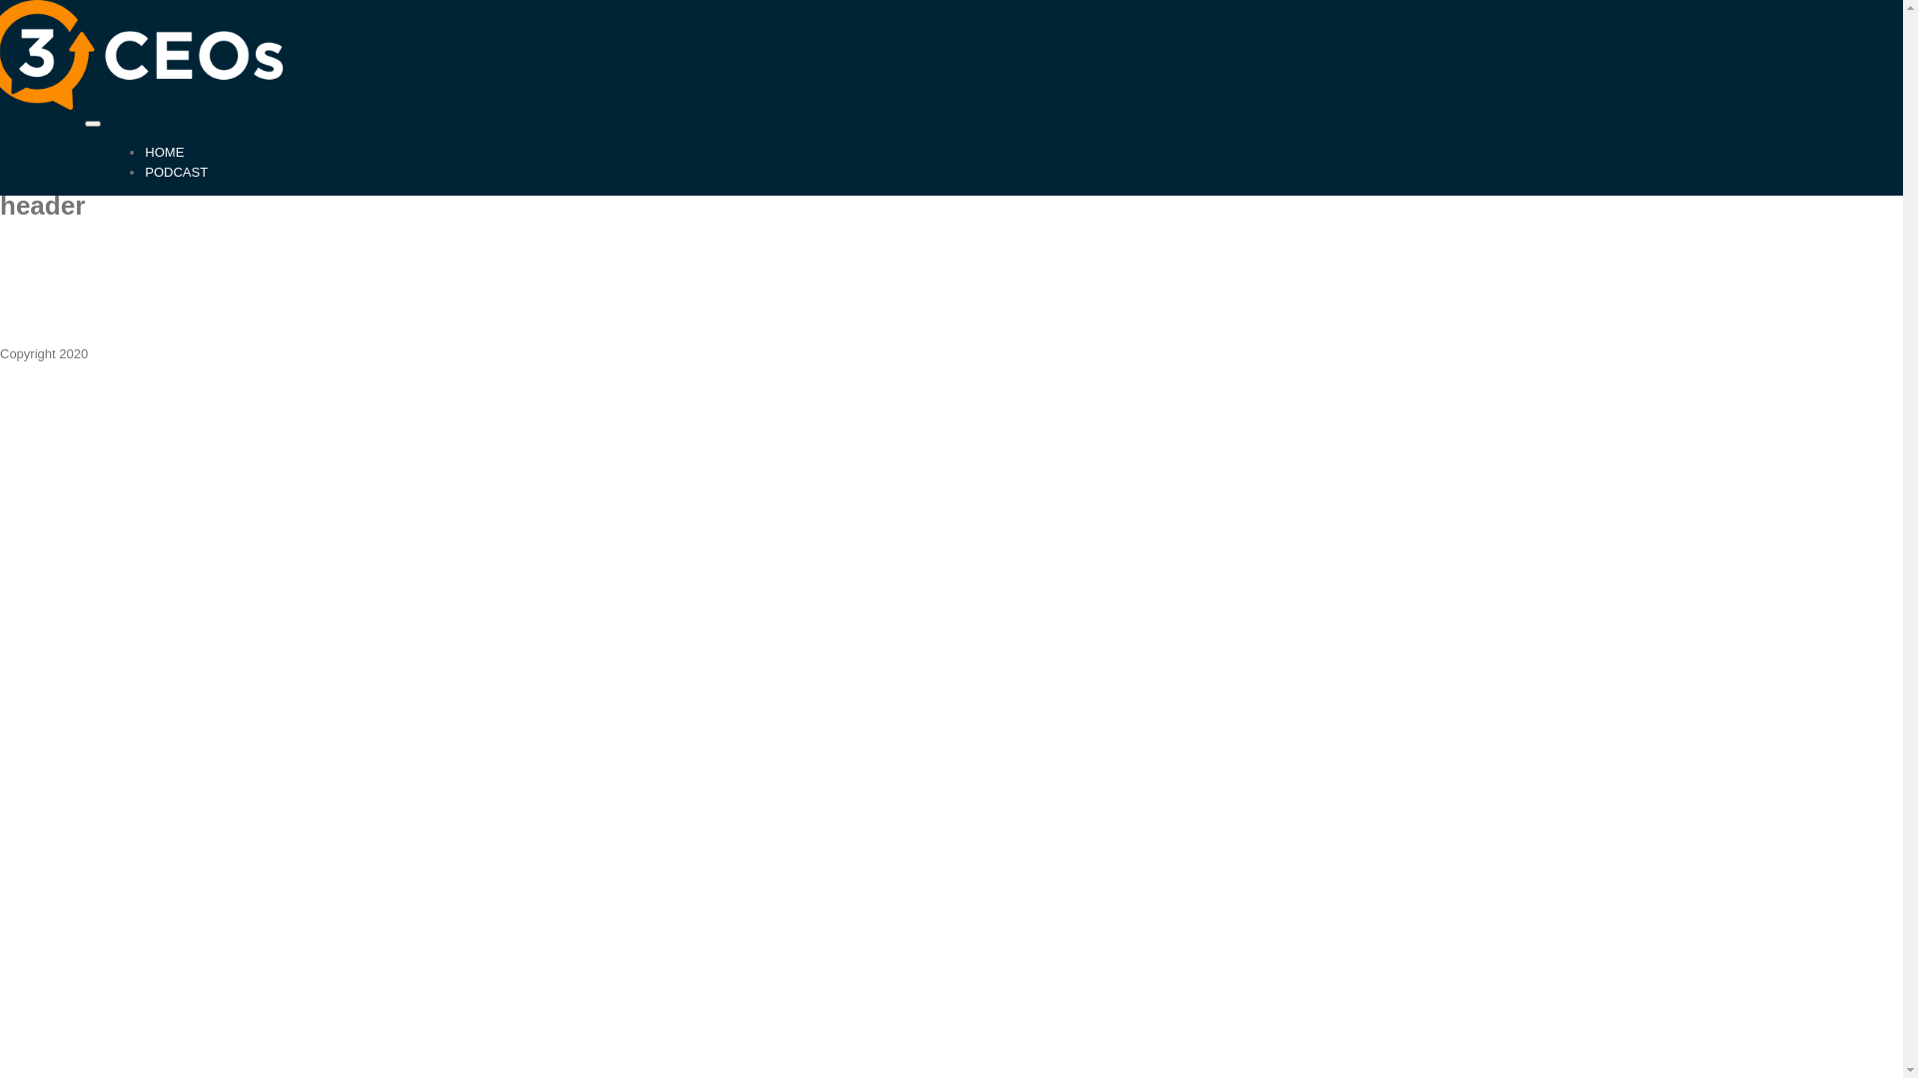 This screenshot has height=1078, width=1918. What do you see at coordinates (91, 123) in the screenshot?
I see `'Toggle Navigation'` at bounding box center [91, 123].